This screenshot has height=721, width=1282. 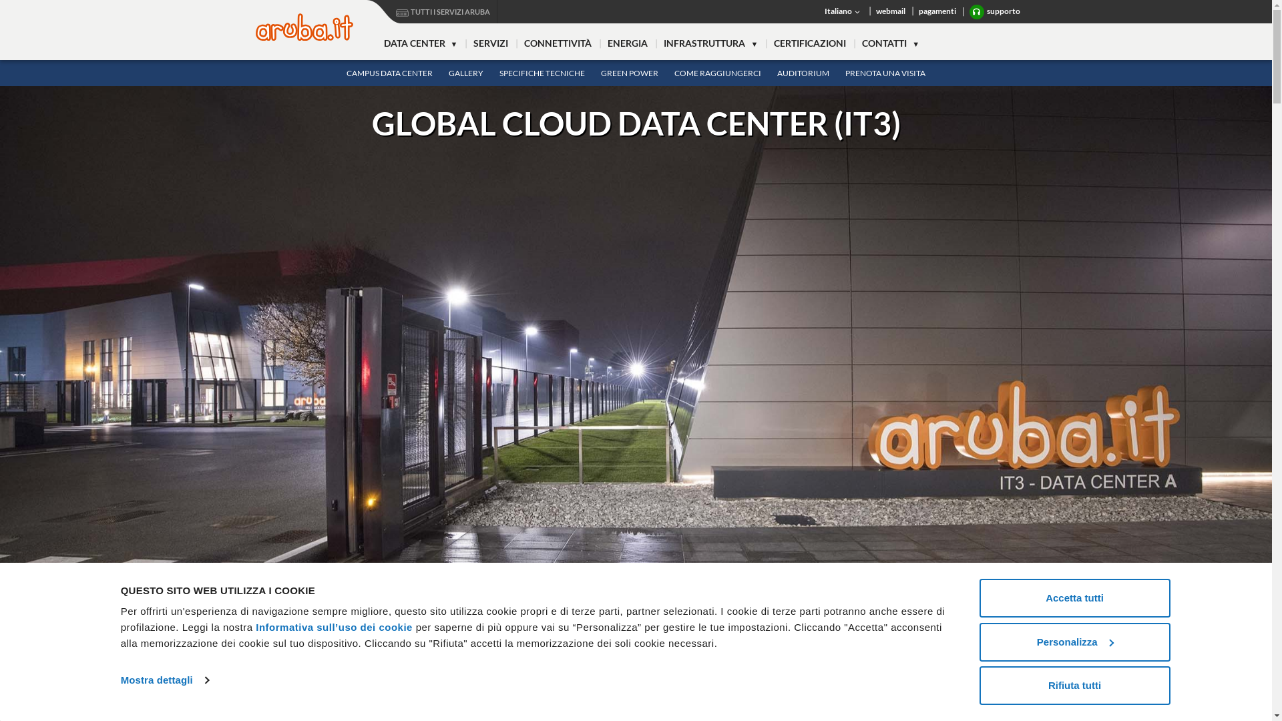 What do you see at coordinates (465, 73) in the screenshot?
I see `'GALLERY'` at bounding box center [465, 73].